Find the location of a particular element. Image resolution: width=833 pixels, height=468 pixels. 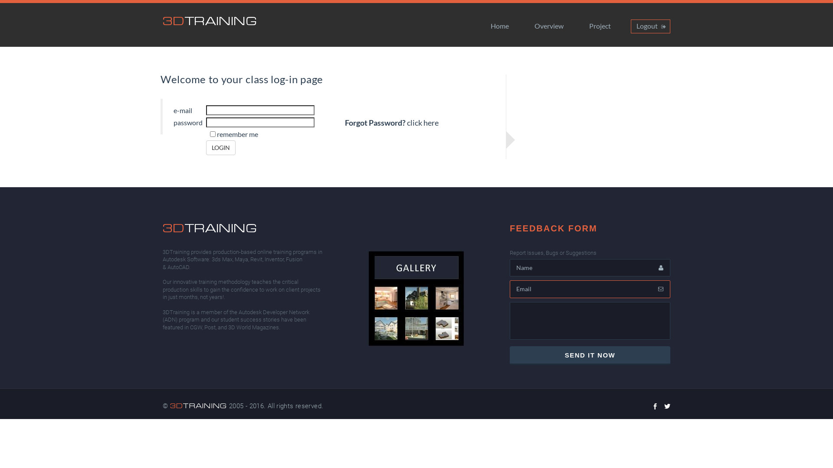

'LOGIN' is located at coordinates (220, 147).